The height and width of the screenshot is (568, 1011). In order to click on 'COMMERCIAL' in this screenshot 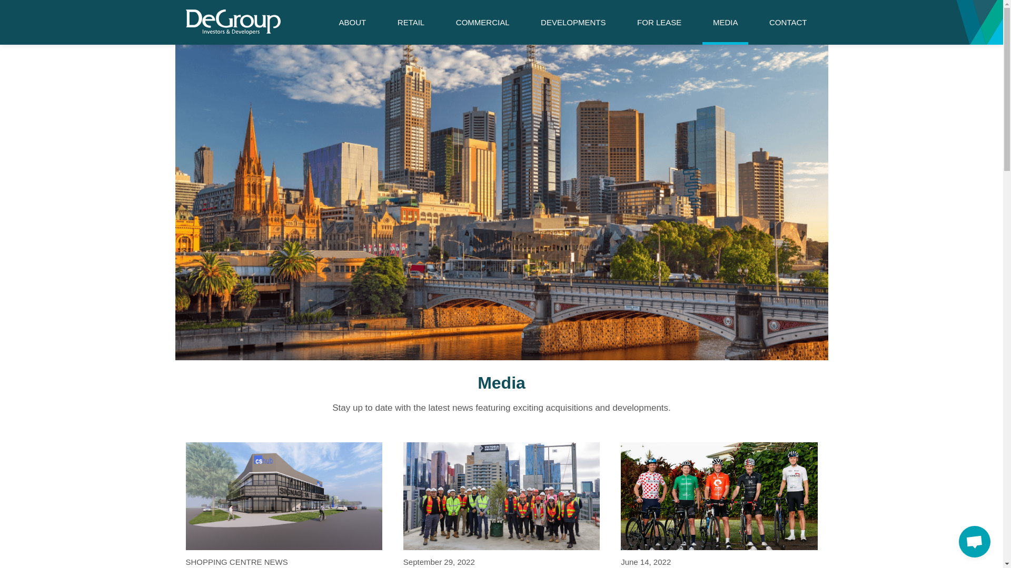, I will do `click(482, 22)`.